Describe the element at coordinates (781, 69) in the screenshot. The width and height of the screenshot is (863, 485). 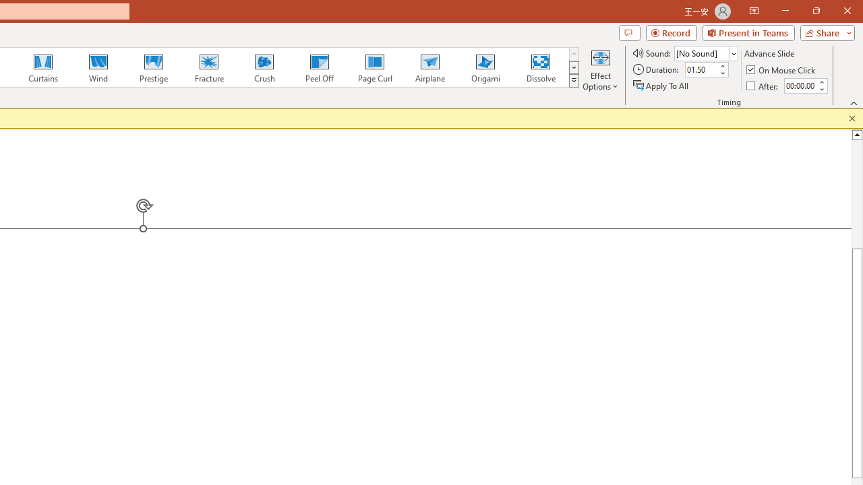
I see `'On Mouse Click'` at that location.